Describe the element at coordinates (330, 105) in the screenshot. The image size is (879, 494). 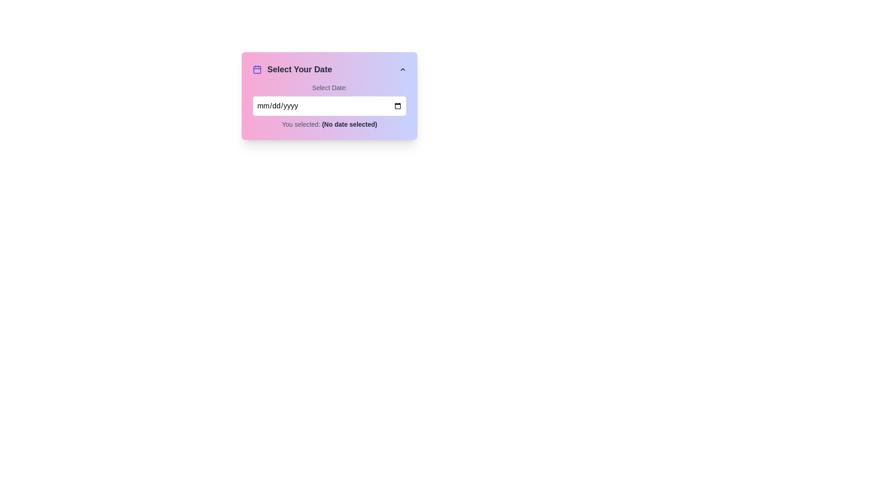
I see `the input field labeled 'Select Date:' by clicking on it to enable interaction` at that location.